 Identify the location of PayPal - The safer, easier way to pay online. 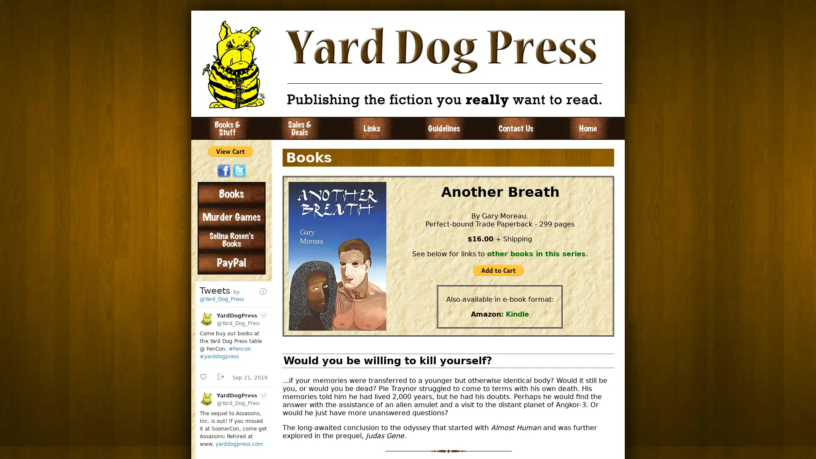
(230, 150).